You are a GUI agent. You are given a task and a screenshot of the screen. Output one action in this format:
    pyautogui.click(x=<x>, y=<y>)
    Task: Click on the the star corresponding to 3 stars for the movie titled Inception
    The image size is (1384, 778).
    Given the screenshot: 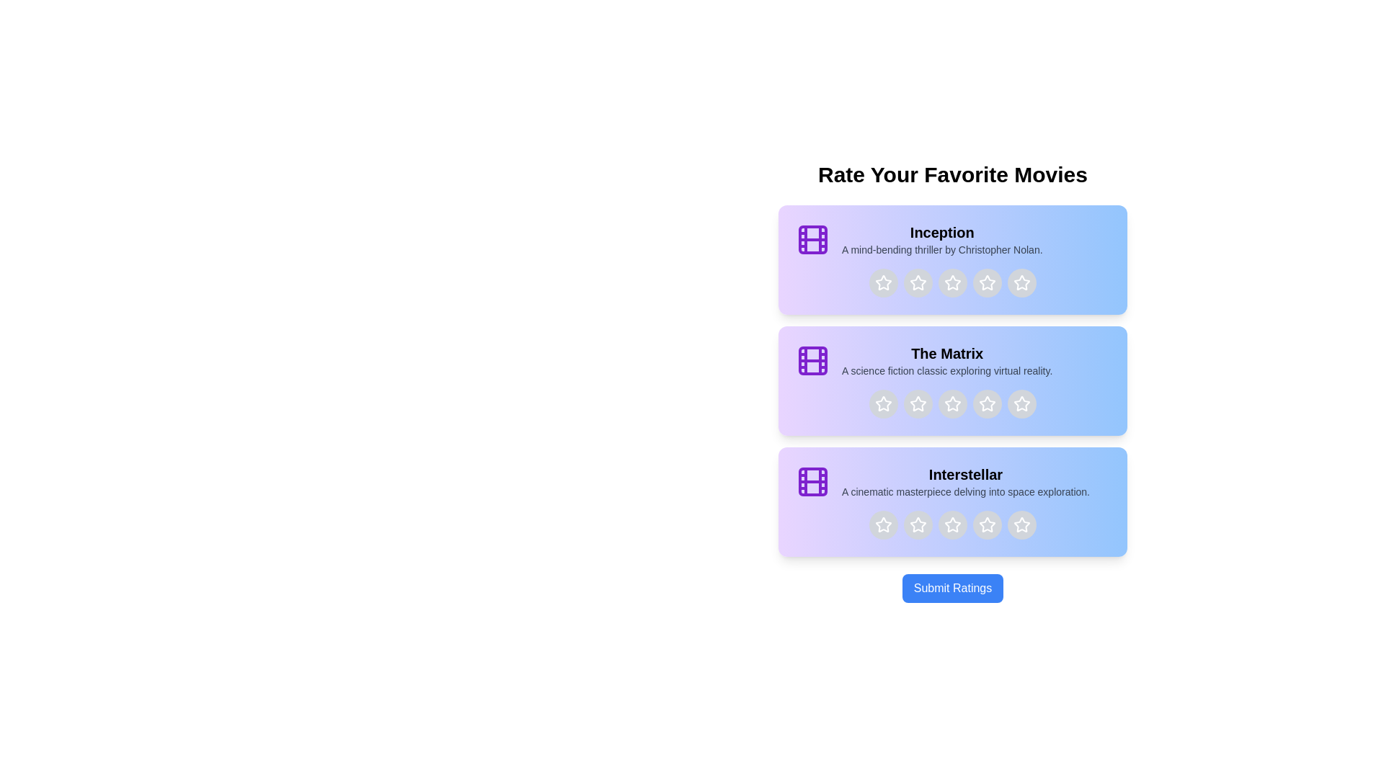 What is the action you would take?
    pyautogui.click(x=952, y=283)
    